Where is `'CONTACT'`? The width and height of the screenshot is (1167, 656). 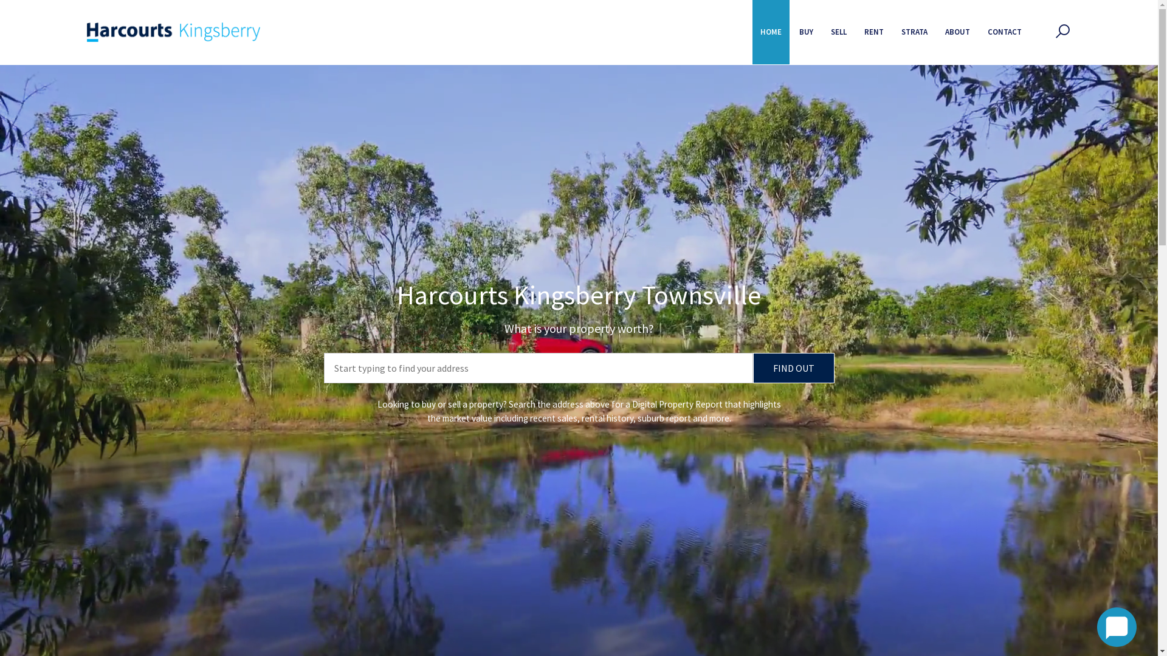 'CONTACT' is located at coordinates (1004, 32).